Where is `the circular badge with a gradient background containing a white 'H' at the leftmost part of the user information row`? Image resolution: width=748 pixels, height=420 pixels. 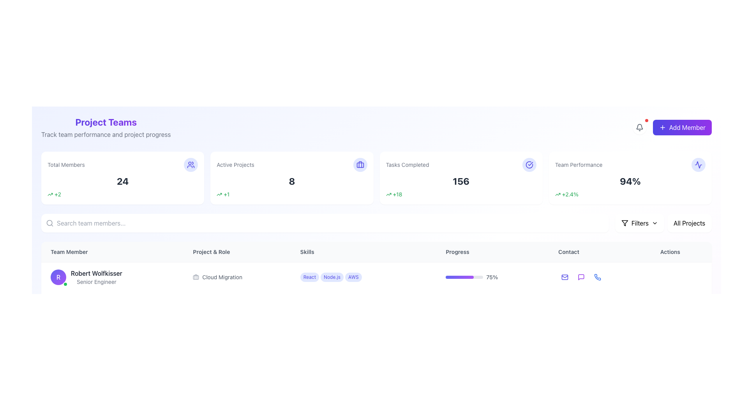
the circular badge with a gradient background containing a white 'H' at the leftmost part of the user information row is located at coordinates (58, 336).